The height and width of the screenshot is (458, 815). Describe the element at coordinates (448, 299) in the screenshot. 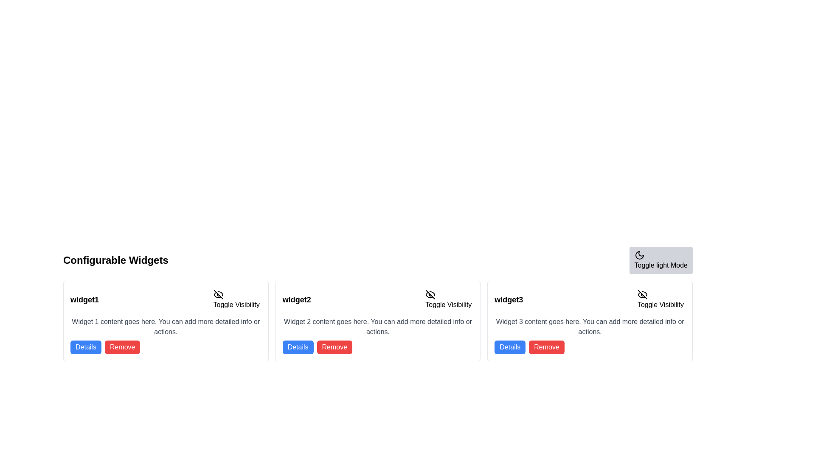

I see `the second 'Toggle Visibility' button located in the top-right section of the 'widget2' area` at that location.